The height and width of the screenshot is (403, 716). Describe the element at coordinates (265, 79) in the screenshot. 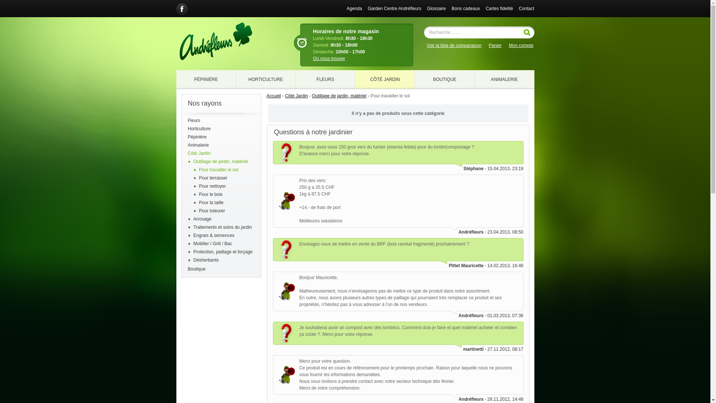

I see `'HORTICULTURE'` at that location.